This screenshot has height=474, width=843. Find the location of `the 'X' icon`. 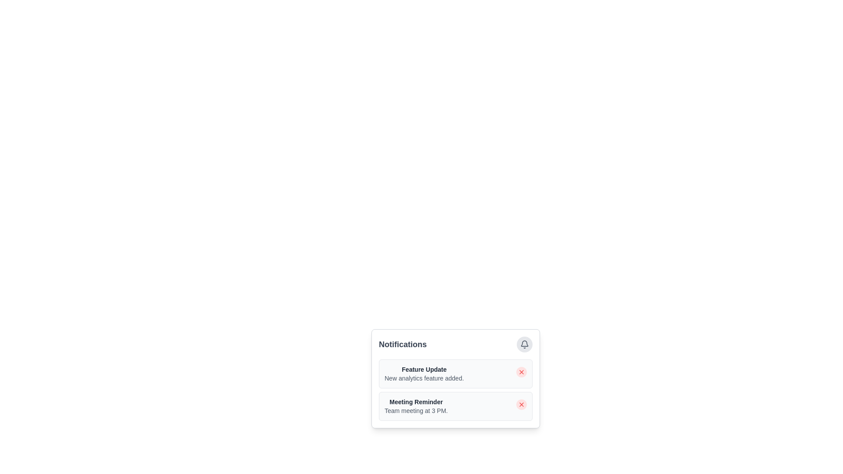

the 'X' icon is located at coordinates (522, 404).